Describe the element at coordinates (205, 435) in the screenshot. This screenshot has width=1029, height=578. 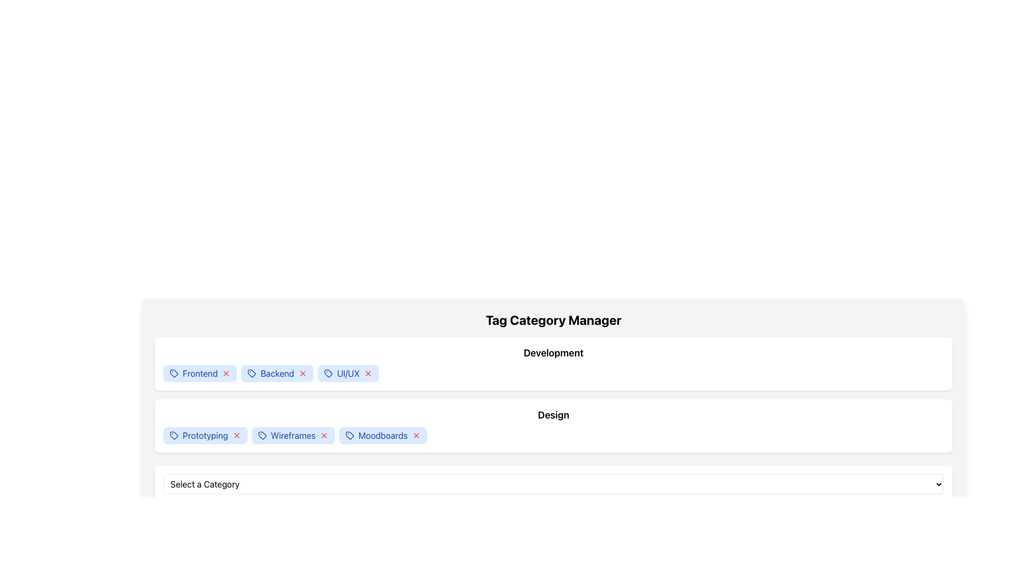
I see `the static text element labeled 'Prototyping'` at that location.